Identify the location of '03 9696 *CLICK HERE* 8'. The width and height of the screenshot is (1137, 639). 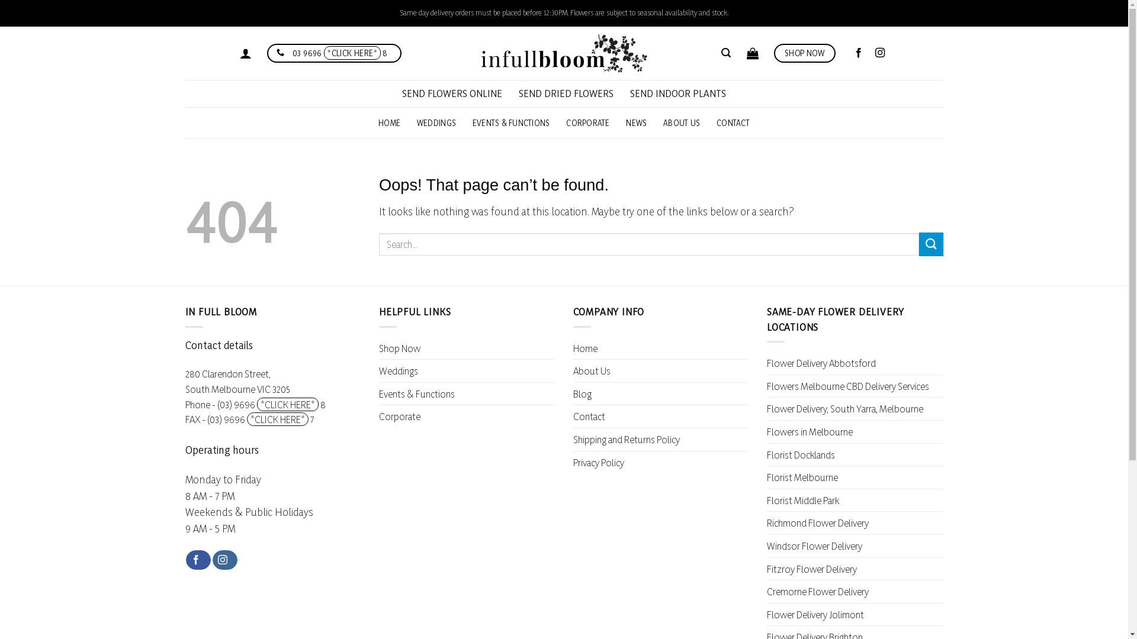
(333, 53).